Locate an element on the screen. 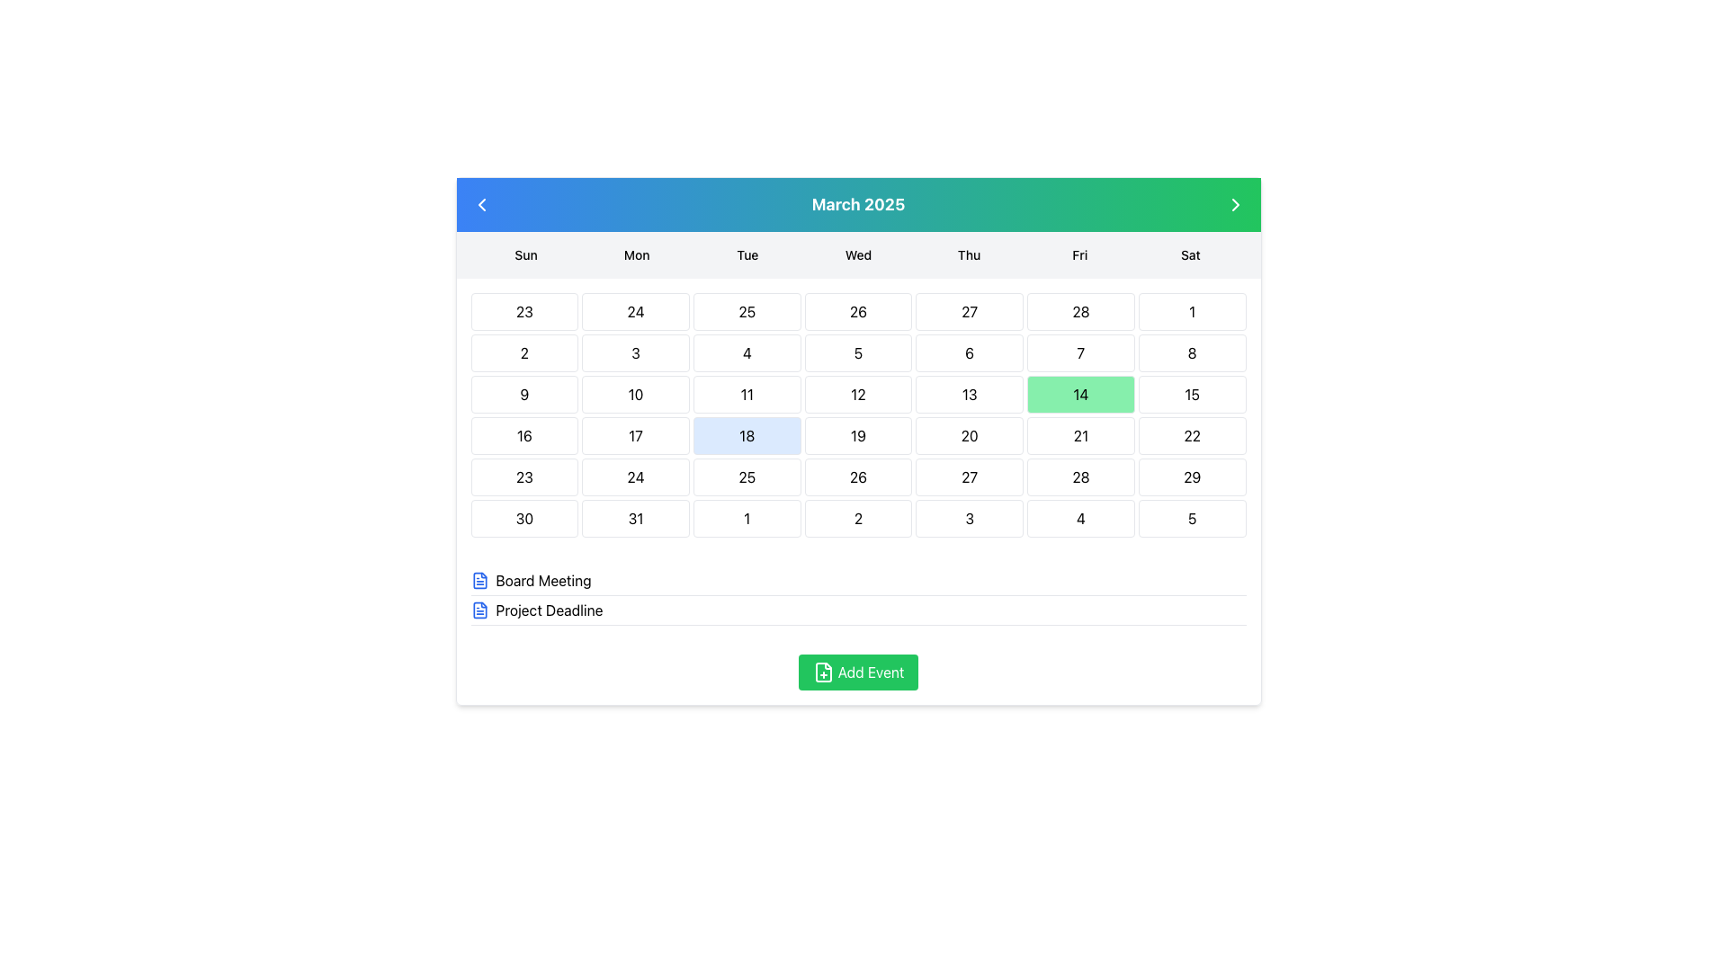 The image size is (1727, 971). the navigation button icon on the left side of the blue header section of the calendar interface is located at coordinates (481, 203).